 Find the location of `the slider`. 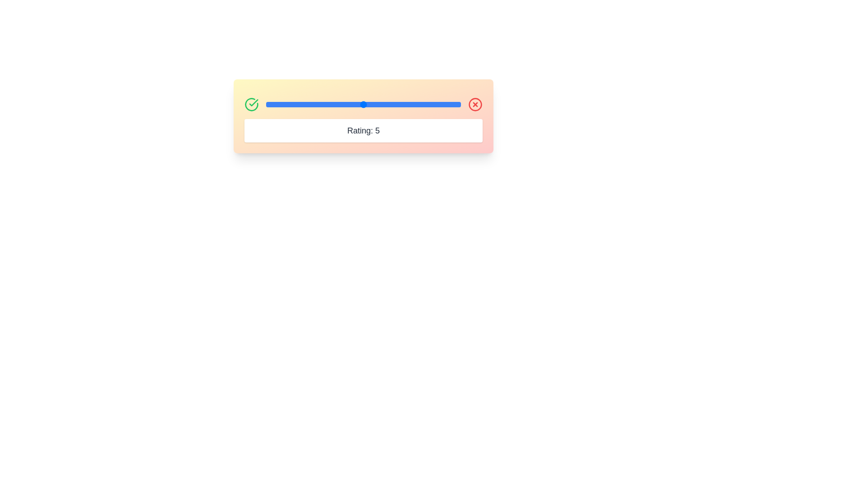

the slider is located at coordinates (441, 104).